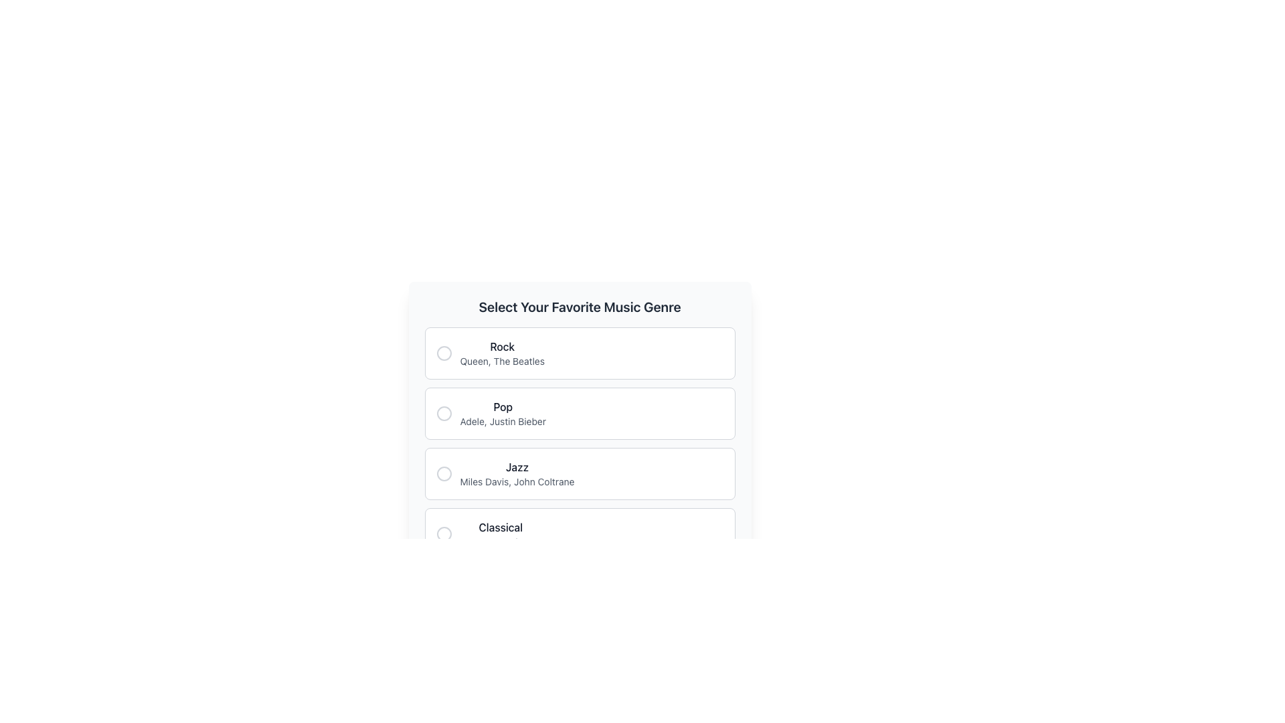 The height and width of the screenshot is (723, 1285). What do you see at coordinates (501, 361) in the screenshot?
I see `the descriptive text element displaying 'Queen, The Beatles', which is located below the bold text 'Rock' in the genre selection options` at bounding box center [501, 361].